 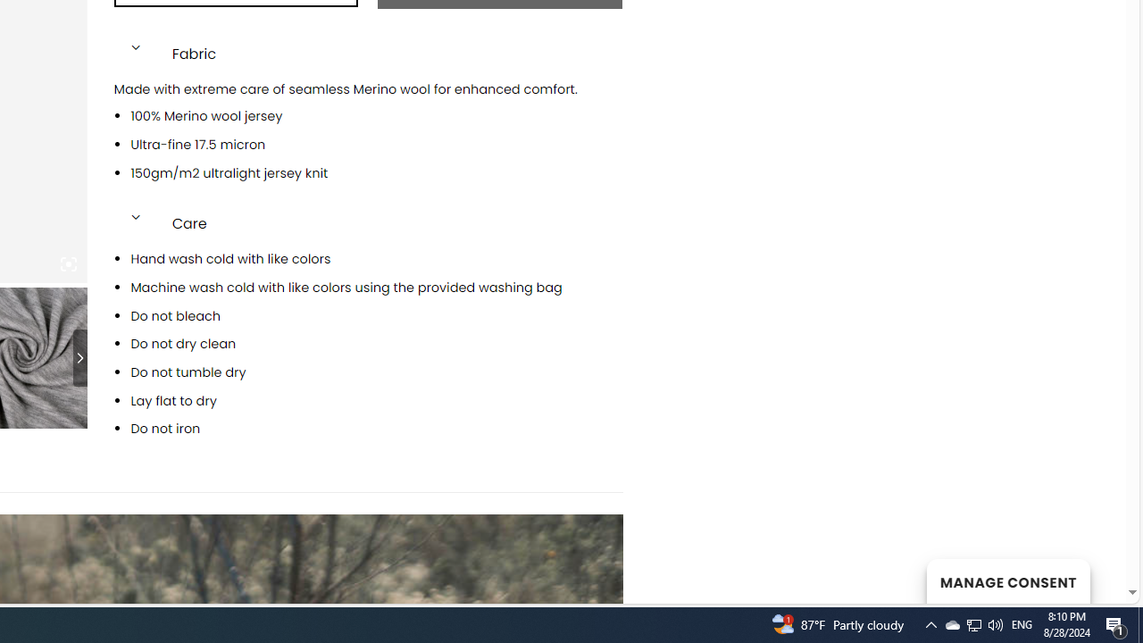 I want to click on 'Class: iconic-woothumbs-fullscreen', so click(x=68, y=264).